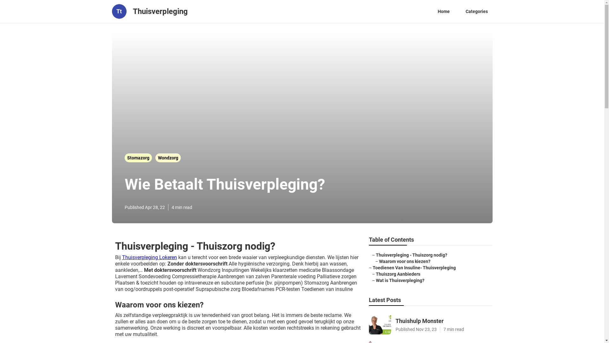  Describe the element at coordinates (476, 11) in the screenshot. I see `'Categories'` at that location.